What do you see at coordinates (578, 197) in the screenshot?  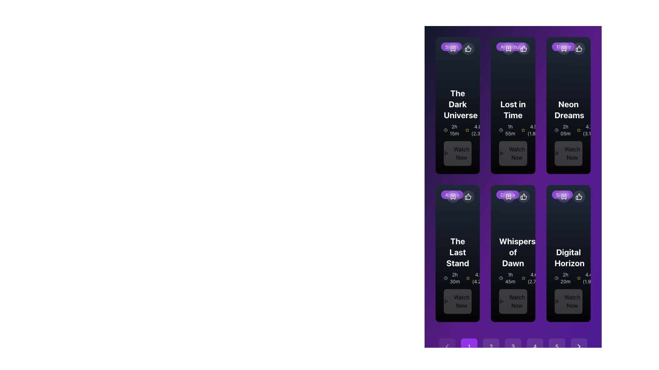 I see `the 'like' button located at the top-right corner of the 'Digital Horizon' card to express appreciation for the item` at bounding box center [578, 197].